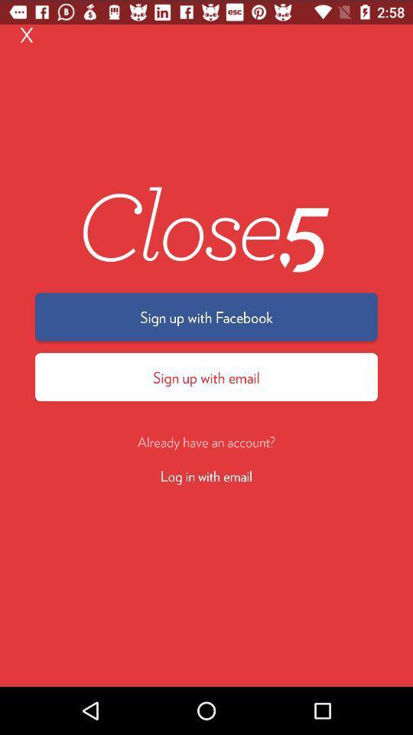 The height and width of the screenshot is (735, 413). What do you see at coordinates (206, 475) in the screenshot?
I see `the icon below the already have an item` at bounding box center [206, 475].